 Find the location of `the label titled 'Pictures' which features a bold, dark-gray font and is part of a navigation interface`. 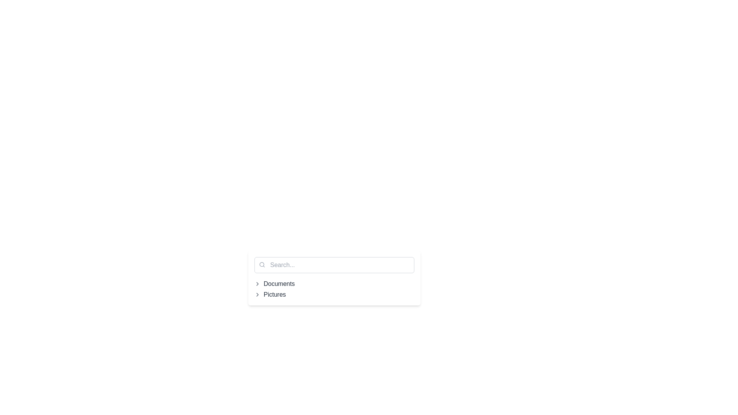

the label titled 'Pictures' which features a bold, dark-gray font and is part of a navigation interface is located at coordinates (274, 294).